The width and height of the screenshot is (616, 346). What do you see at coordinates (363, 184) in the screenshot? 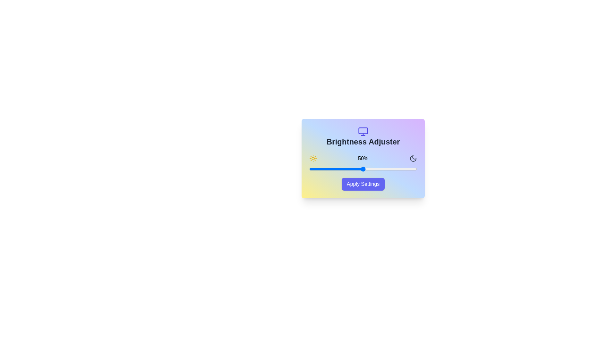
I see `'Apply Settings' button to confirm changes` at bounding box center [363, 184].